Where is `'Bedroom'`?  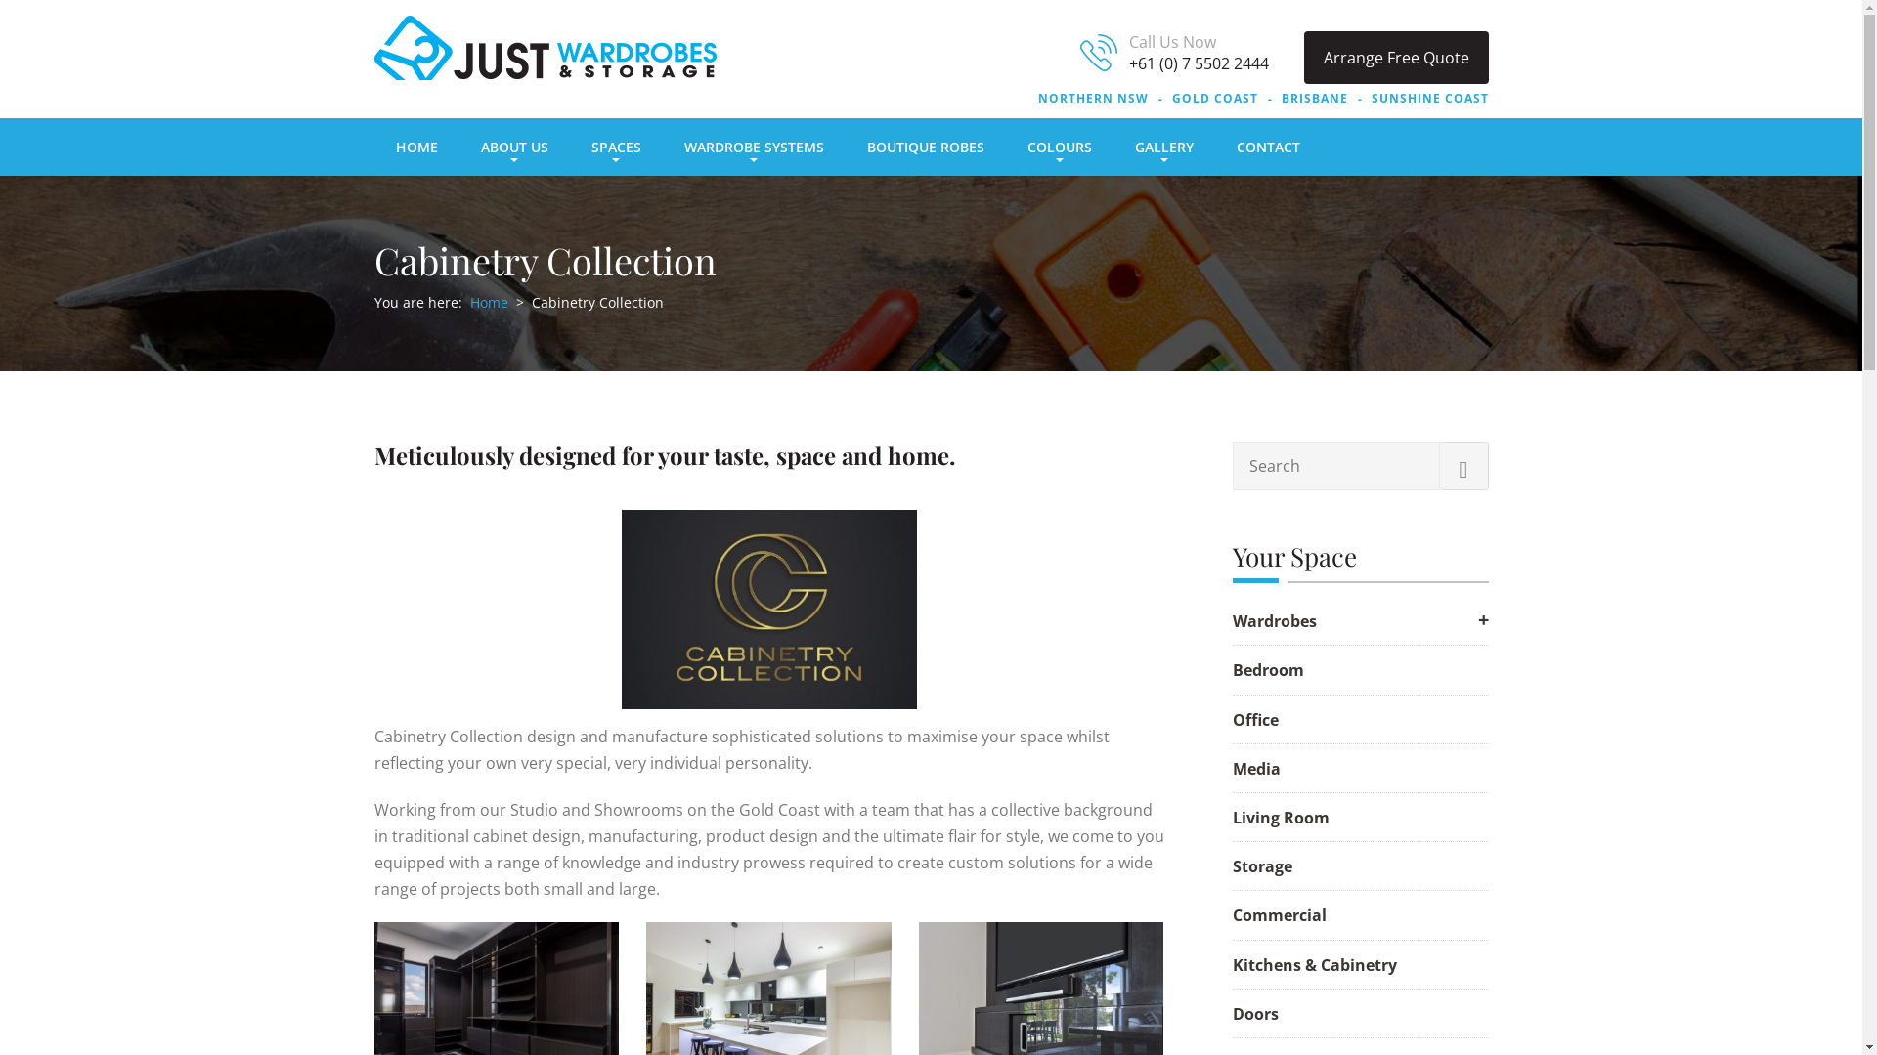 'Bedroom' is located at coordinates (1359, 669).